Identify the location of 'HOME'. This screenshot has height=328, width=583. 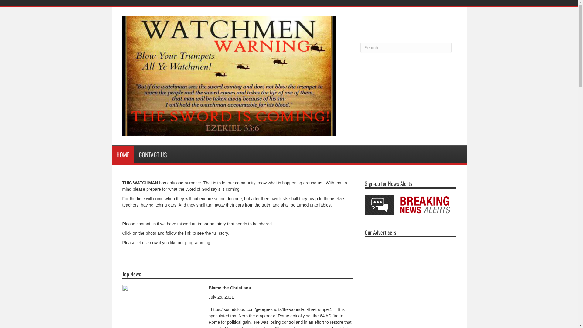
(122, 154).